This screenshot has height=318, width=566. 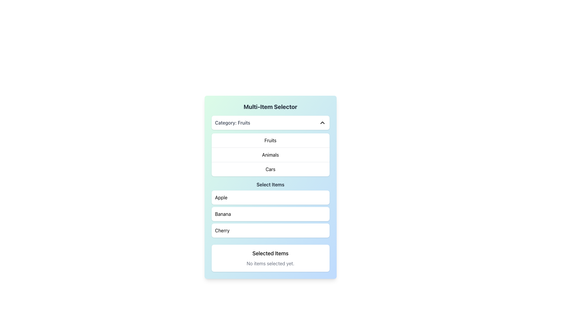 What do you see at coordinates (223, 214) in the screenshot?
I see `the 'Banana' text label` at bounding box center [223, 214].